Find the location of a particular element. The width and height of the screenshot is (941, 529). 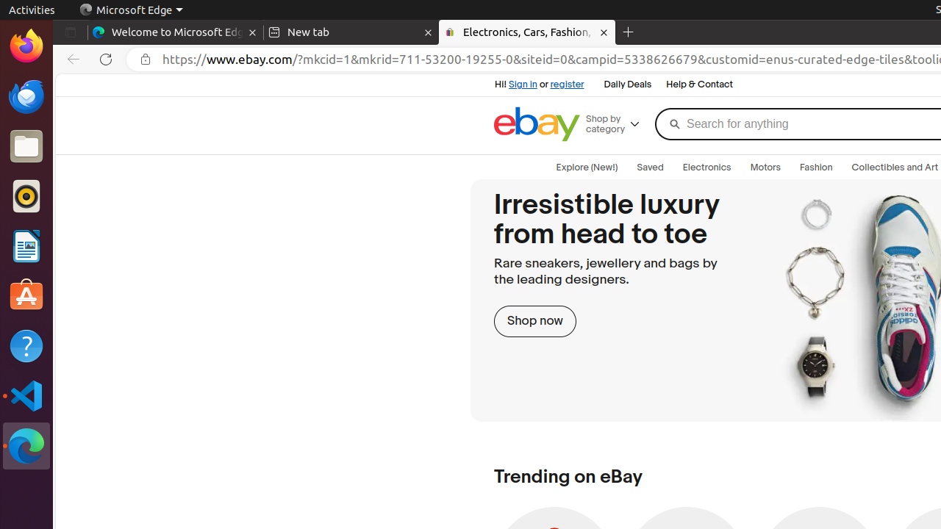

'eBay Home' is located at coordinates (536, 123).